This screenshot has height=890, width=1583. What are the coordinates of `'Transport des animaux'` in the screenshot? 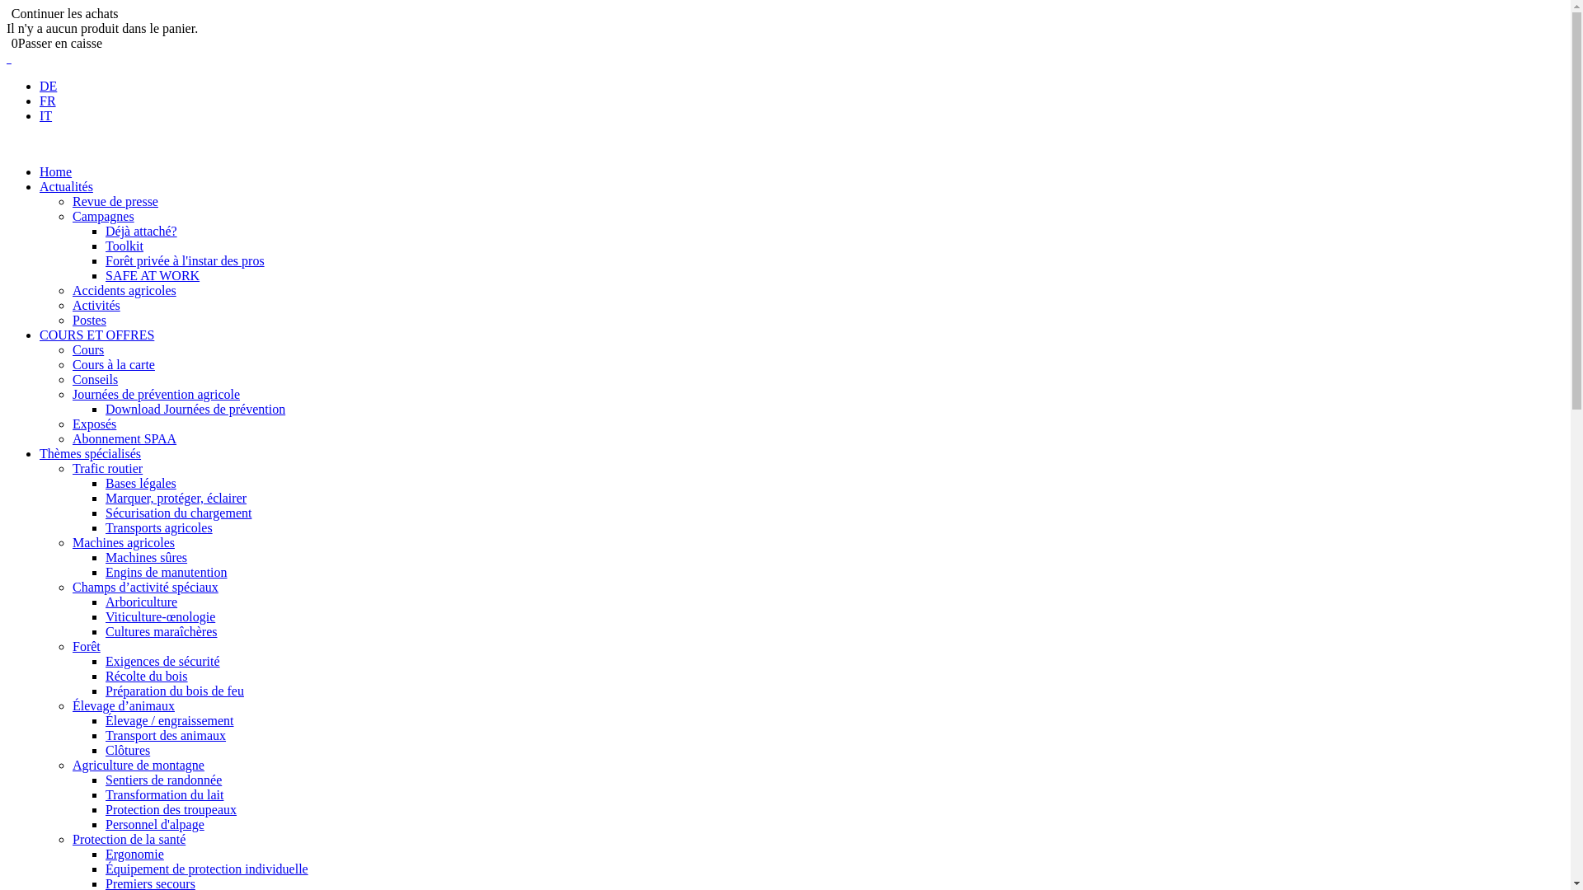 It's located at (166, 734).